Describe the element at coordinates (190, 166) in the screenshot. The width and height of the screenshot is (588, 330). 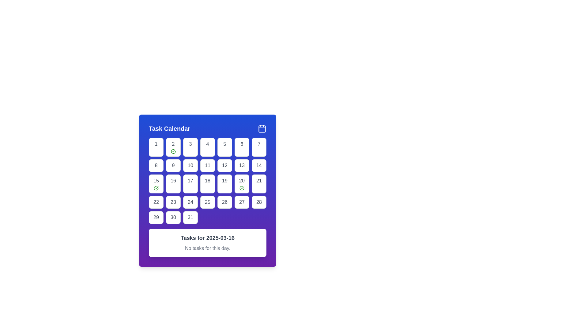
I see `the calendar date cell representing the 10th` at that location.